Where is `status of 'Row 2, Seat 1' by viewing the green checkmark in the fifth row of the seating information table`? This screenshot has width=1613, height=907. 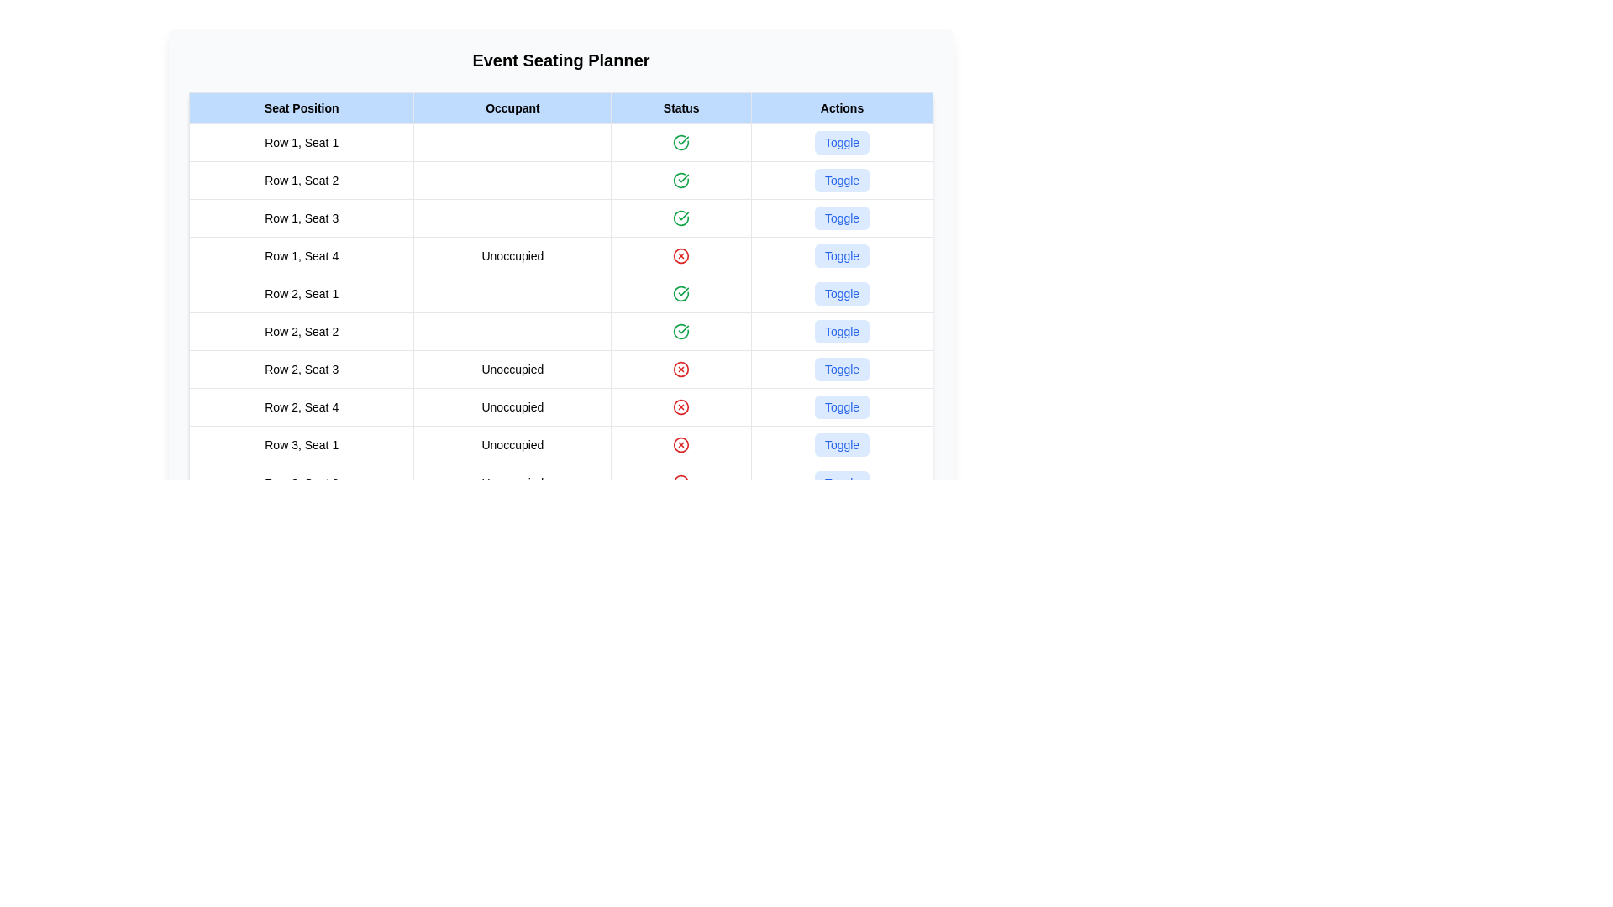 status of 'Row 2, Seat 1' by viewing the green checkmark in the fifth row of the seating information table is located at coordinates (560, 293).